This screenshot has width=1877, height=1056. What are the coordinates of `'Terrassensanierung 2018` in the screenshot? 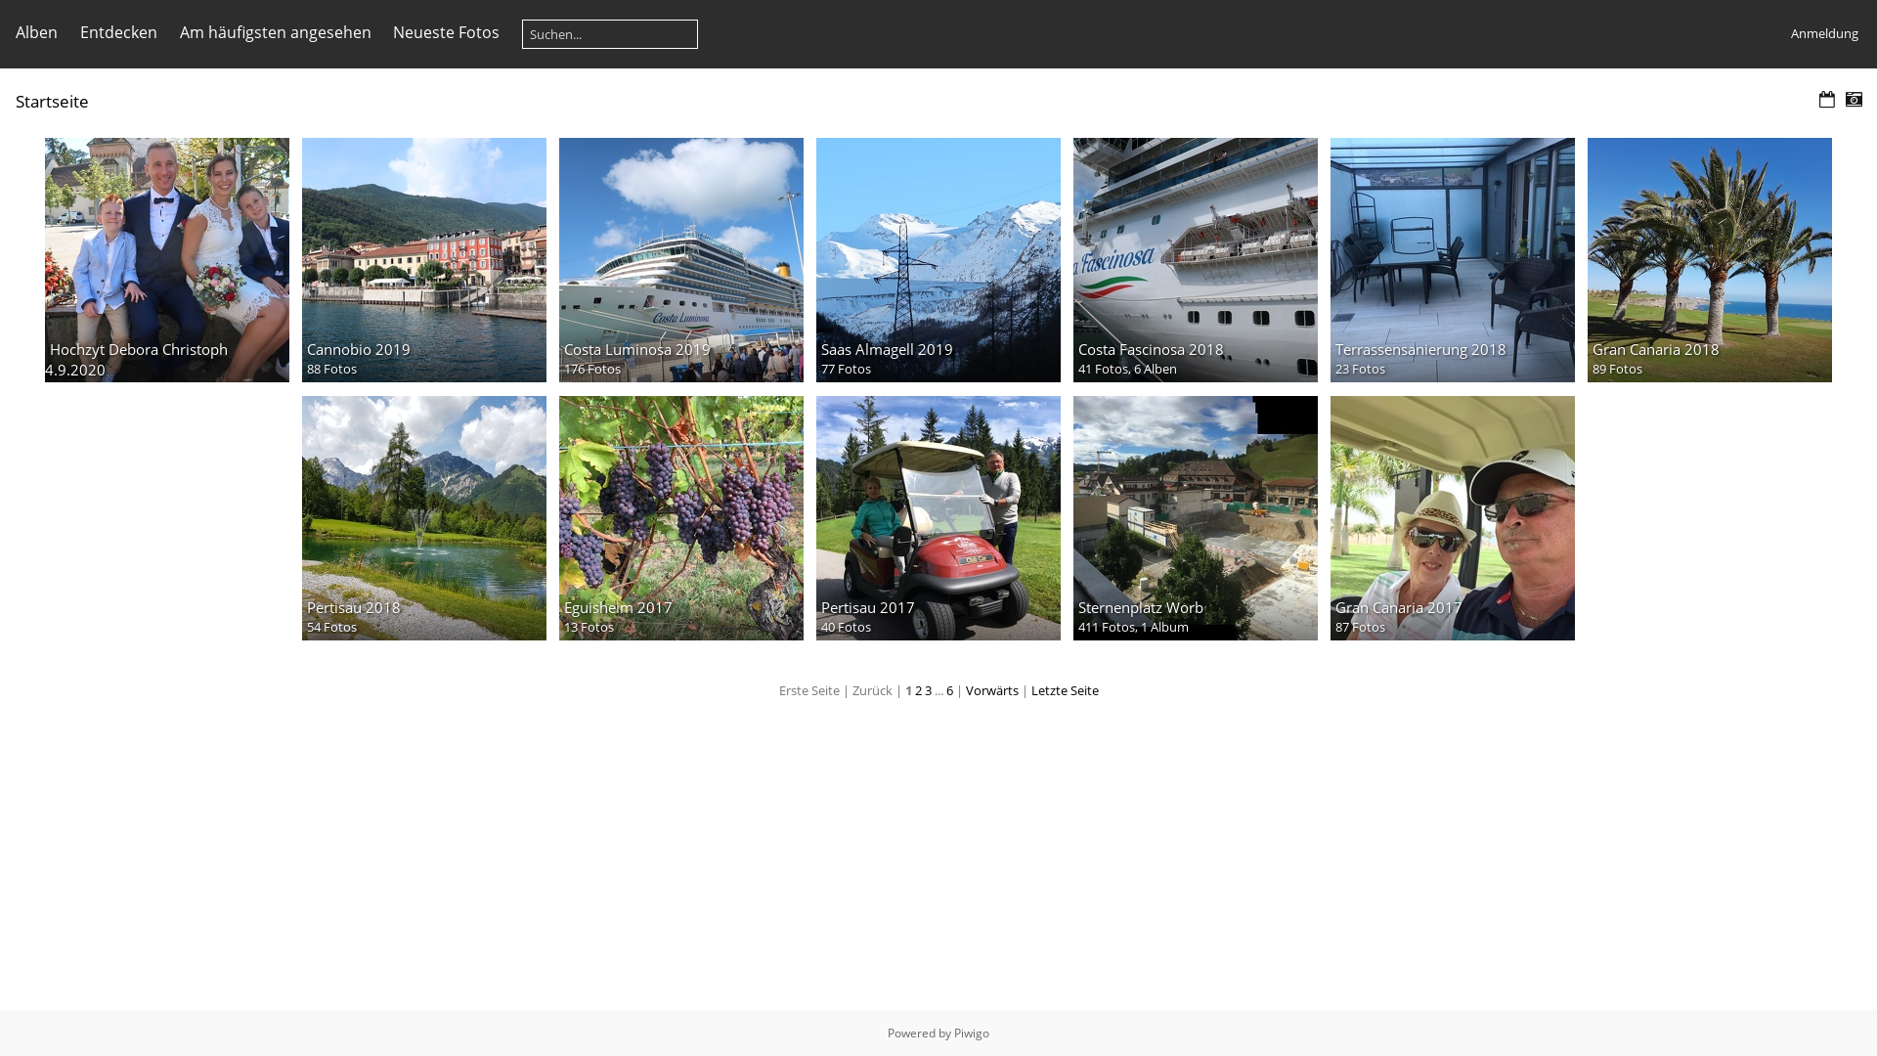 It's located at (1330, 259).